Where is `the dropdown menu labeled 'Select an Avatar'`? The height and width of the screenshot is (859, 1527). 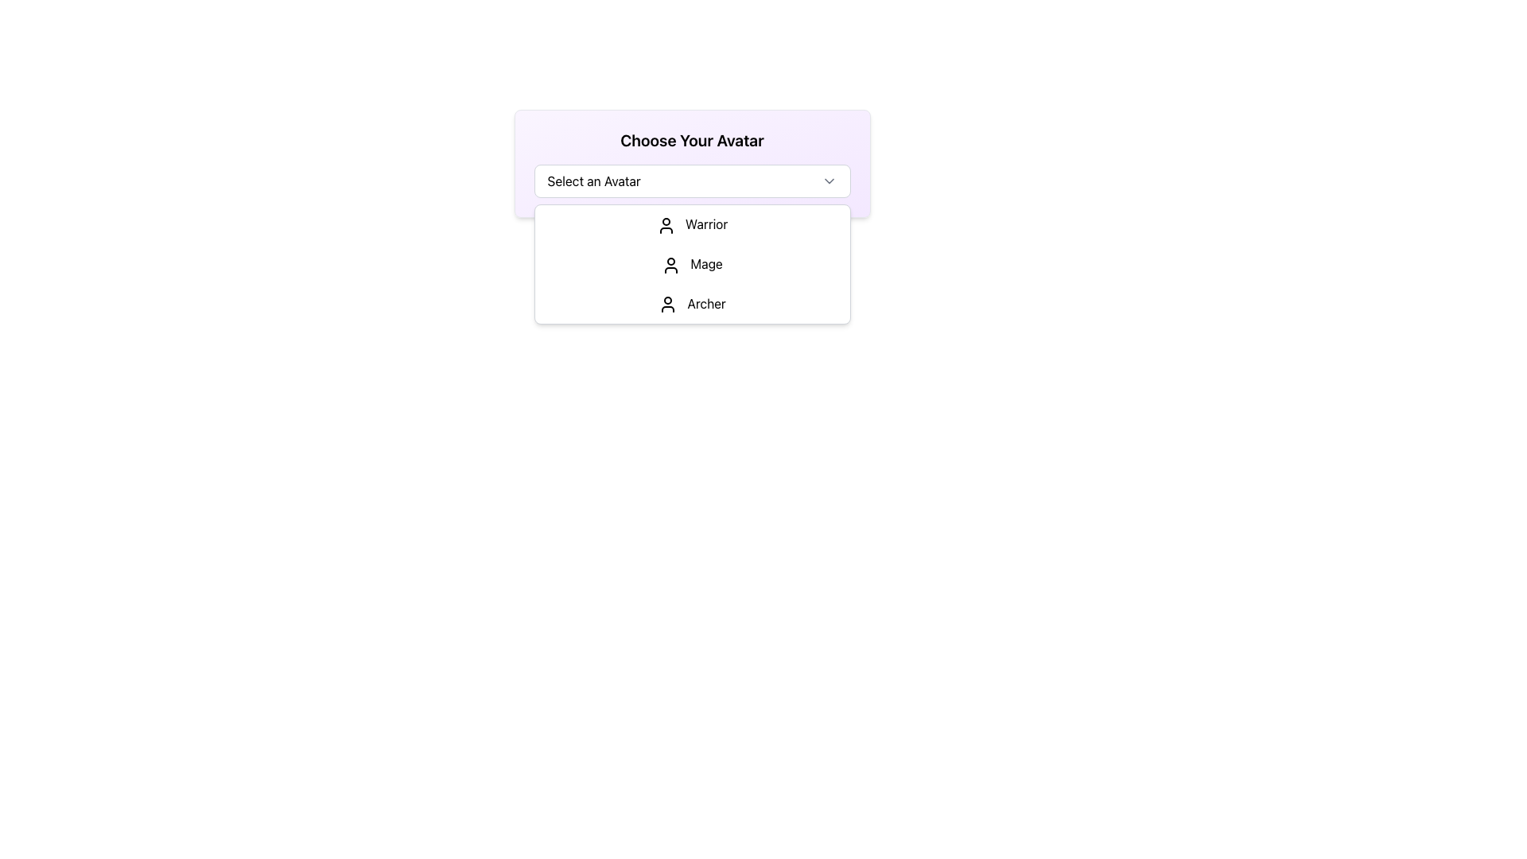
the dropdown menu labeled 'Select an Avatar' is located at coordinates (692, 180).